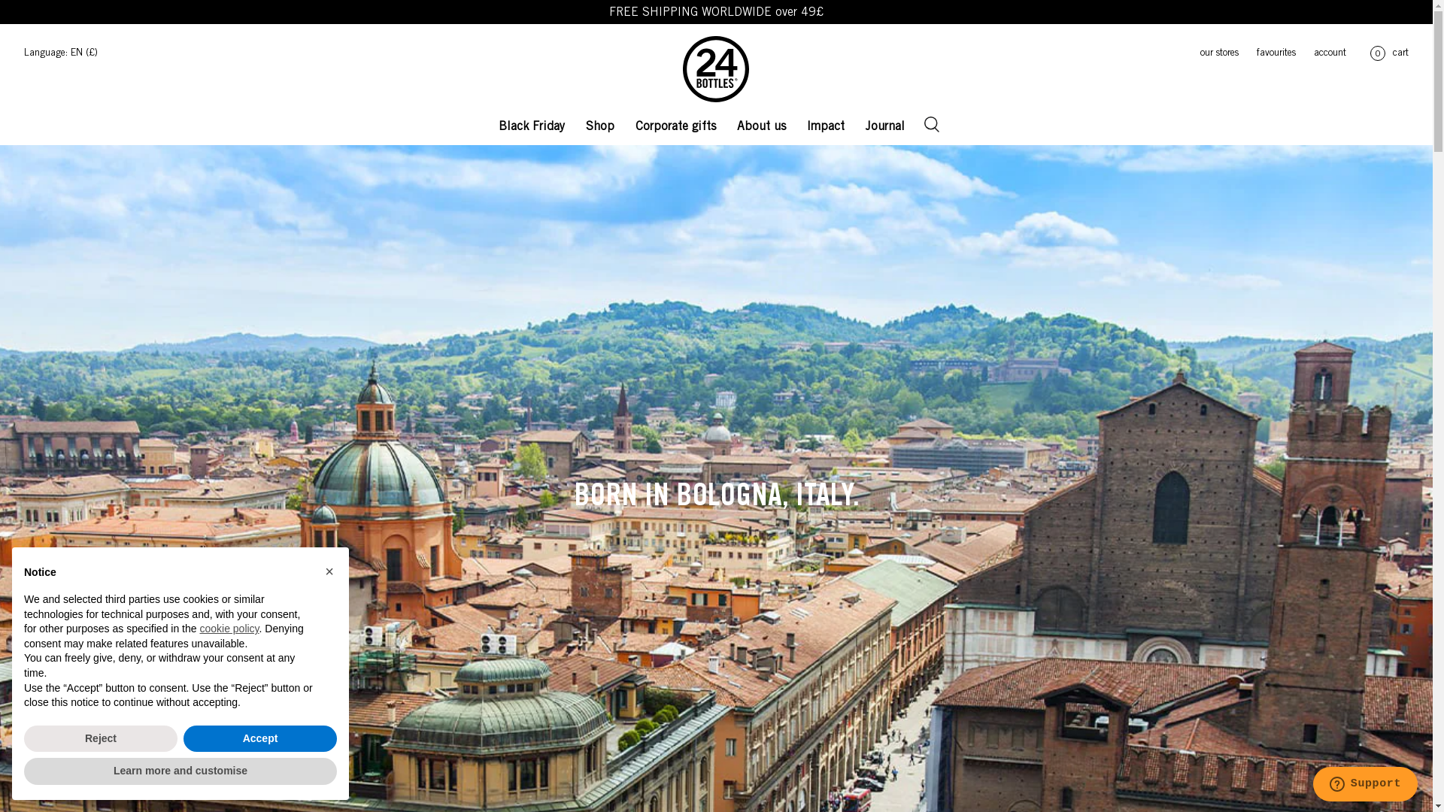 This screenshot has height=812, width=1444. Describe the element at coordinates (863, 123) in the screenshot. I see `'Journal'` at that location.